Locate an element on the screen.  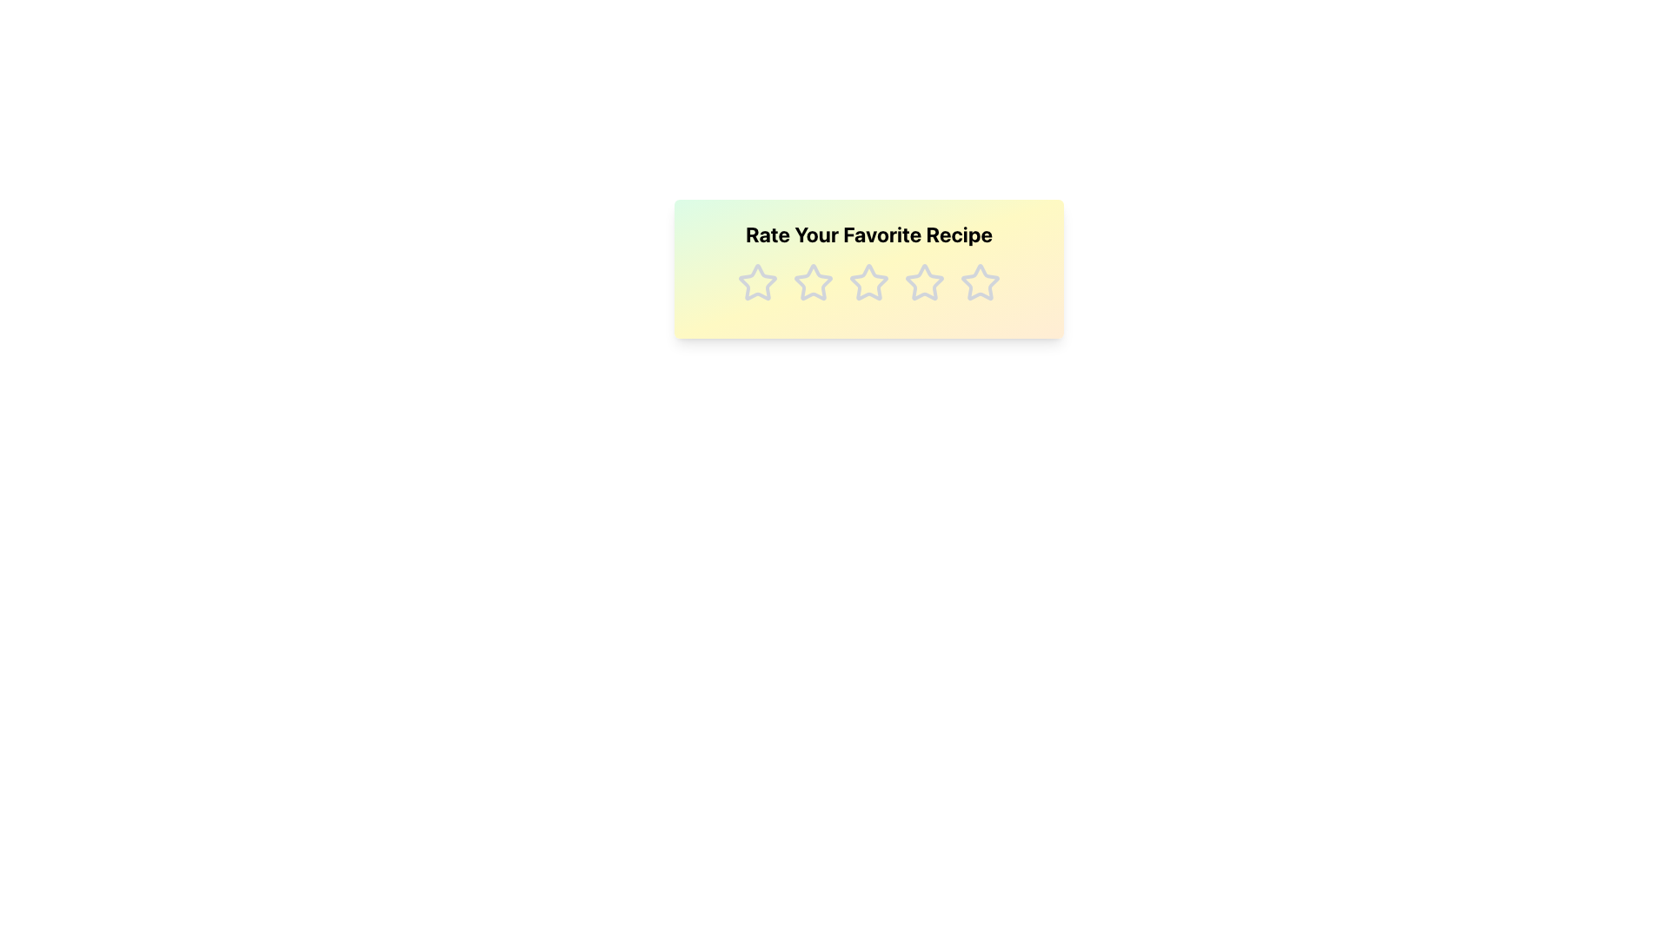
the fifth star icon is located at coordinates (981, 281).